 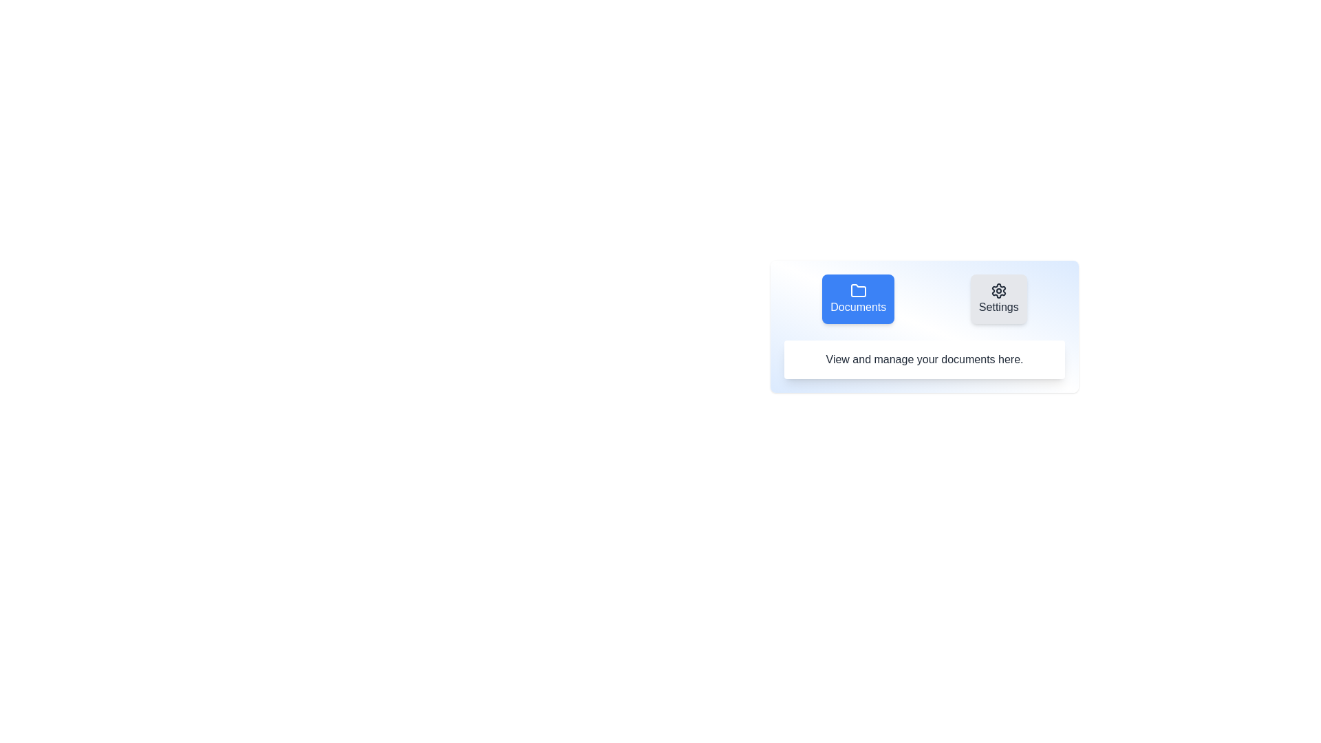 I want to click on the tab labeled Documents, so click(x=857, y=299).